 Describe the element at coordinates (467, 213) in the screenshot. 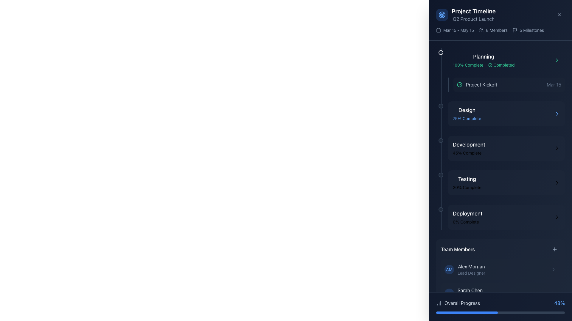

I see `the static text label displaying 'Deployment' in large, bold white font, located in the last section of the timeline interface above '0% Complete'` at that location.